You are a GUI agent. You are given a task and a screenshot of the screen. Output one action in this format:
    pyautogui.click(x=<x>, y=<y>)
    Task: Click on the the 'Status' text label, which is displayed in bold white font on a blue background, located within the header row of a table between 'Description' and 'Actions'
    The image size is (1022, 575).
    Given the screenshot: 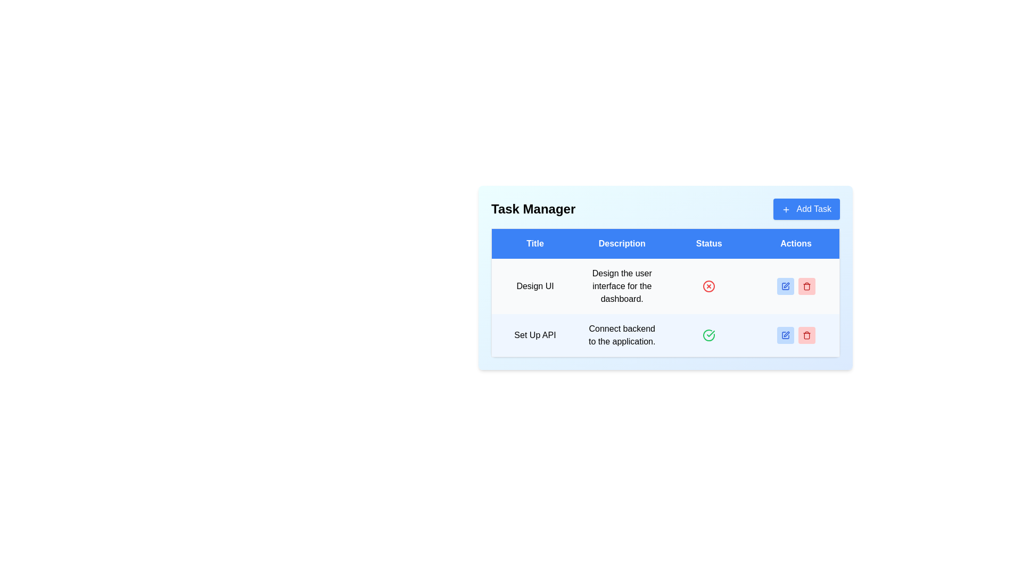 What is the action you would take?
    pyautogui.click(x=709, y=243)
    